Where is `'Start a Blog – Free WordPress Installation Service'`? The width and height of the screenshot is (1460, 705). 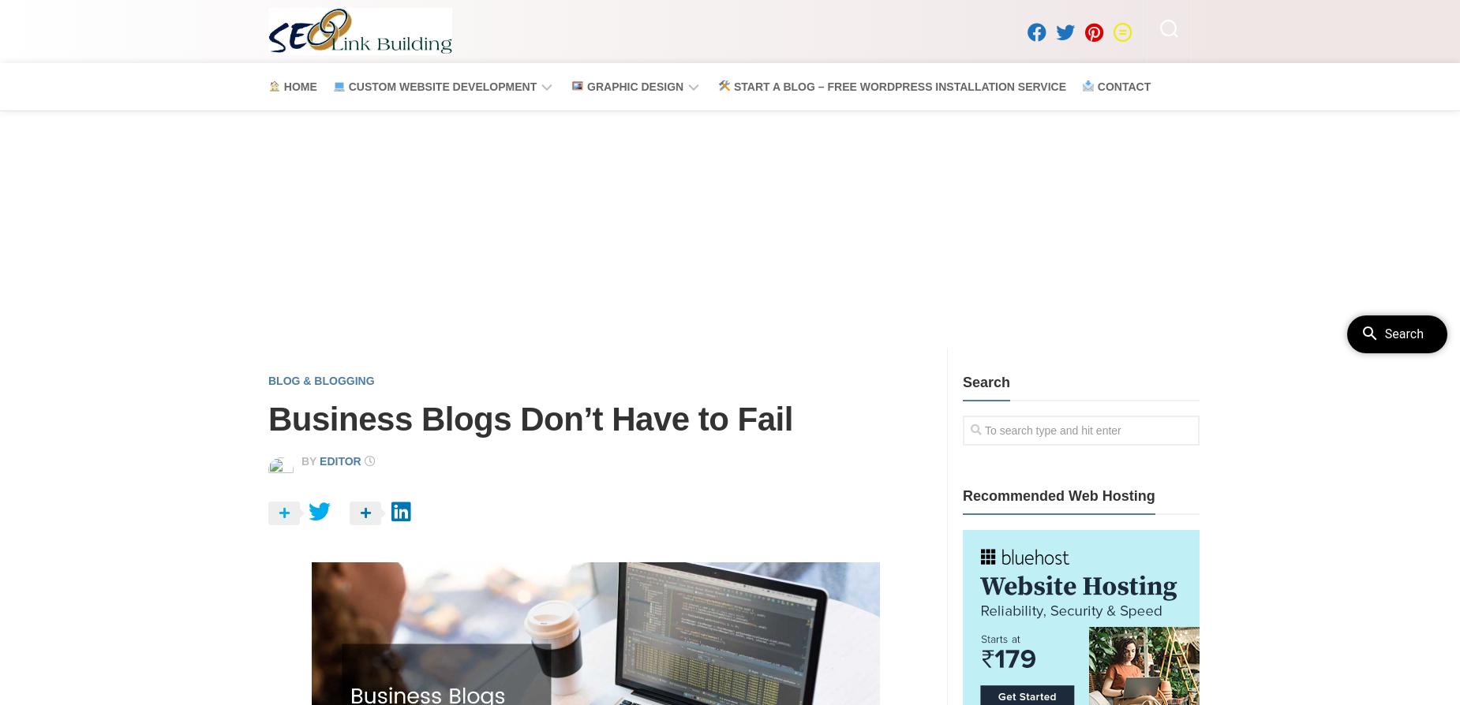 'Start a Blog – Free WordPress Installation Service' is located at coordinates (897, 85).